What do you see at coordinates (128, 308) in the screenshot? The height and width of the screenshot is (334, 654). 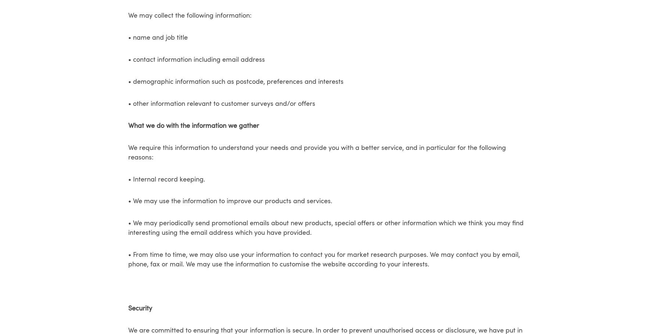 I see `'Security'` at bounding box center [128, 308].